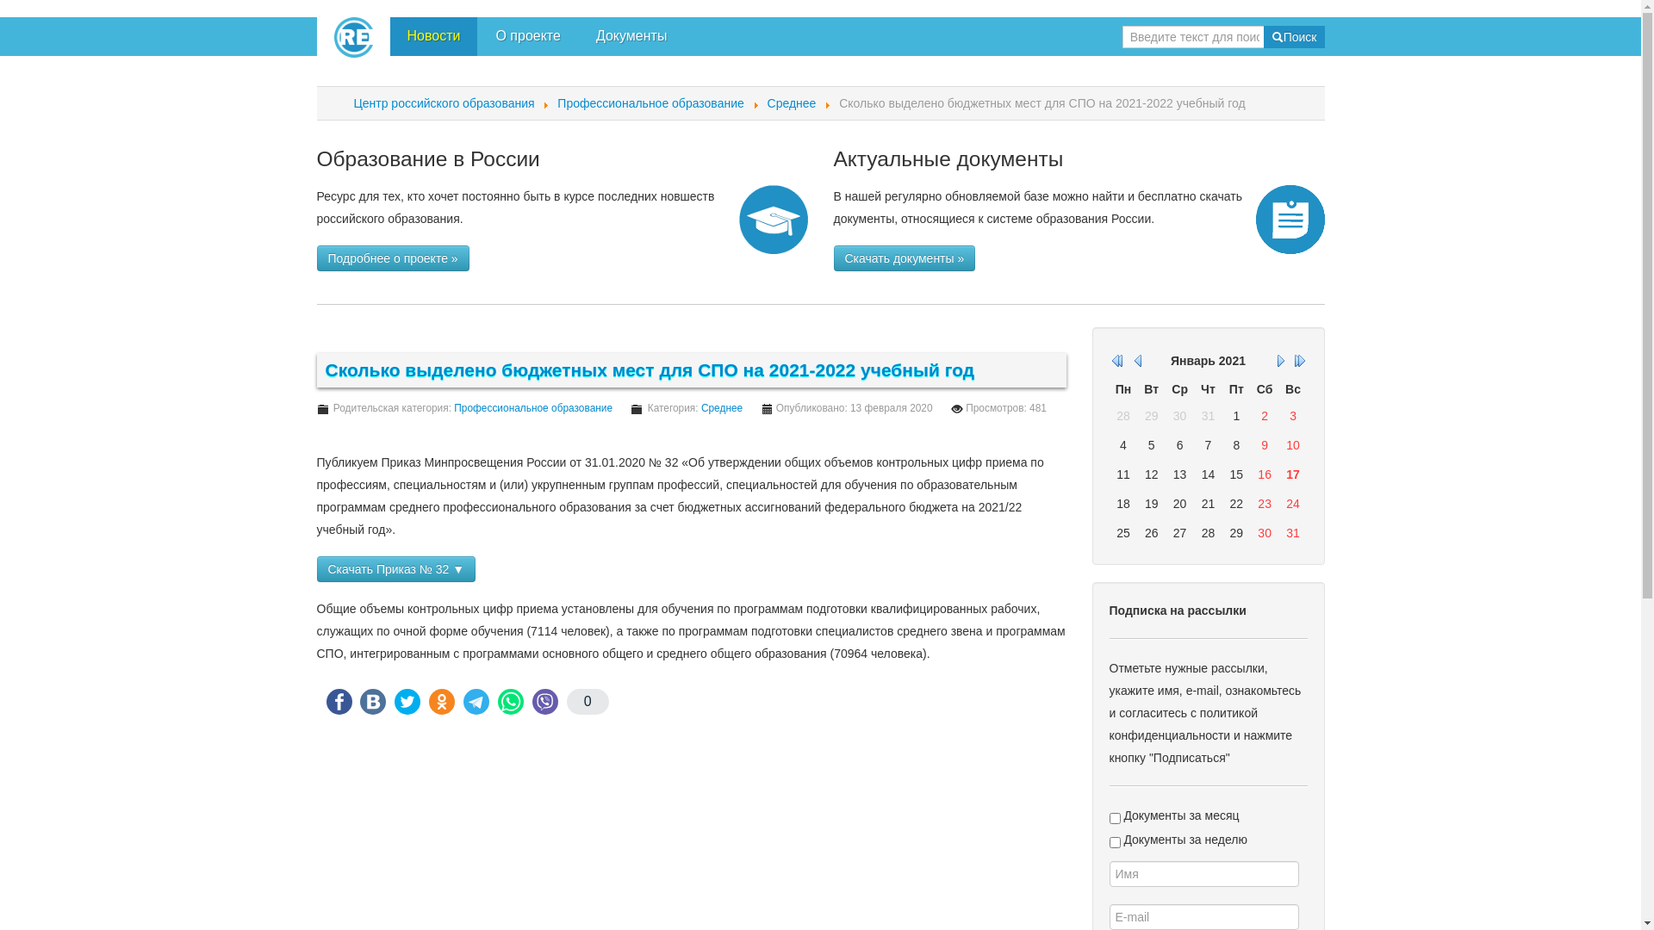 The width and height of the screenshot is (1654, 930). What do you see at coordinates (476, 701) in the screenshot?
I see `'Telegram'` at bounding box center [476, 701].